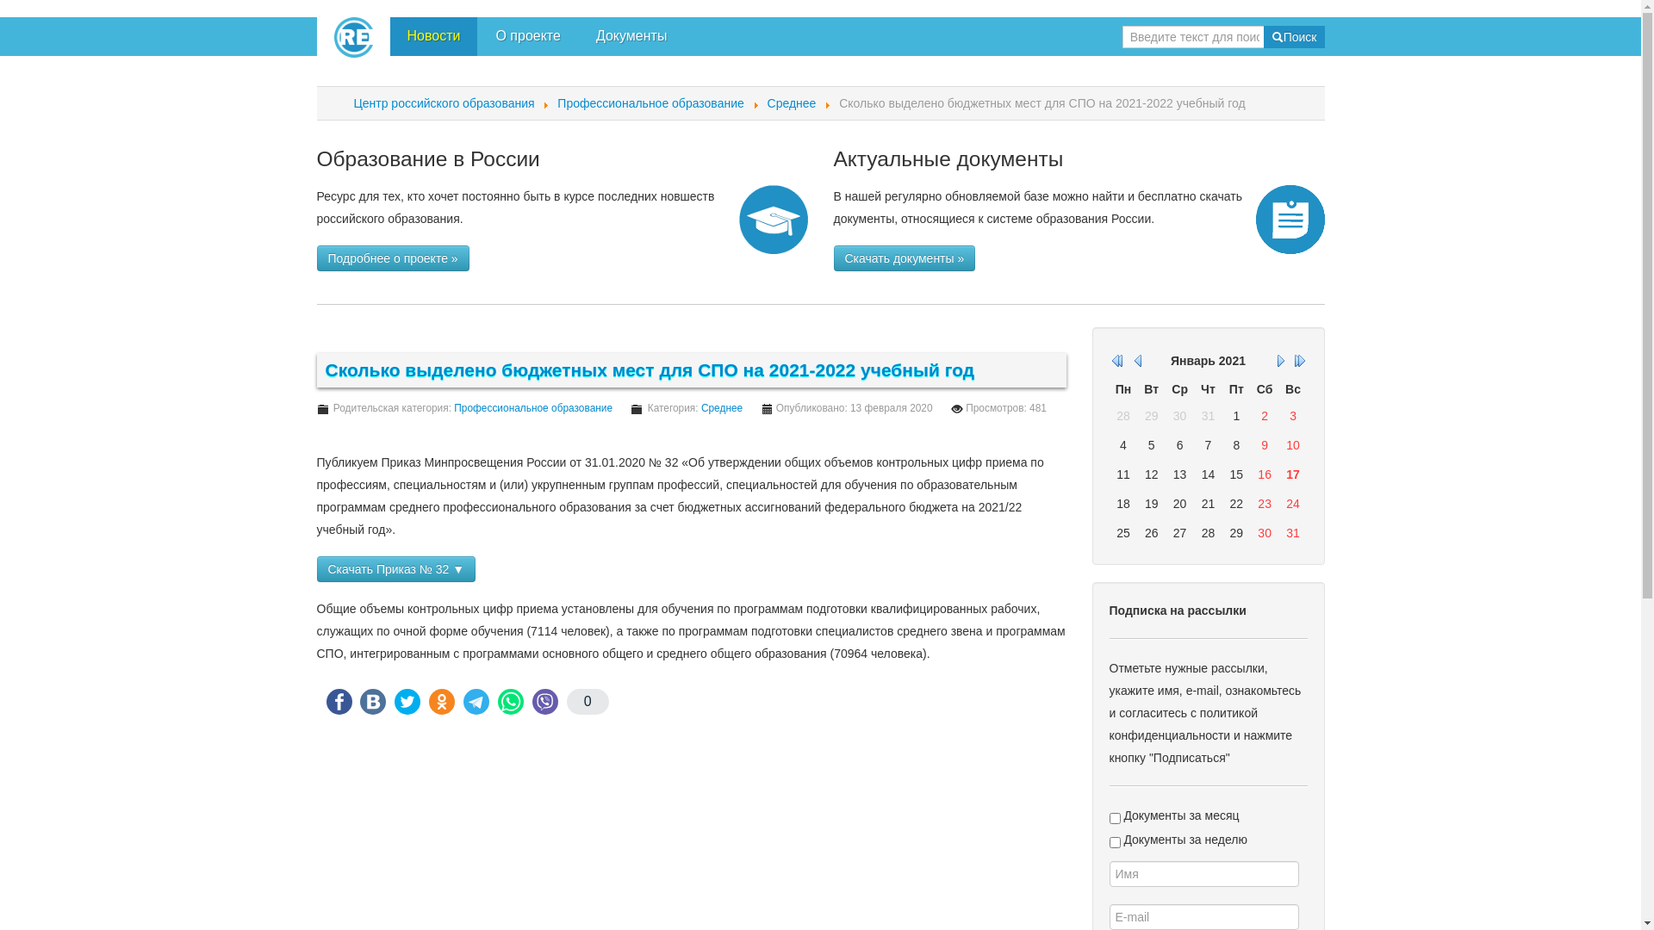 The width and height of the screenshot is (1654, 930). What do you see at coordinates (476, 701) in the screenshot?
I see `'Telegram'` at bounding box center [476, 701].